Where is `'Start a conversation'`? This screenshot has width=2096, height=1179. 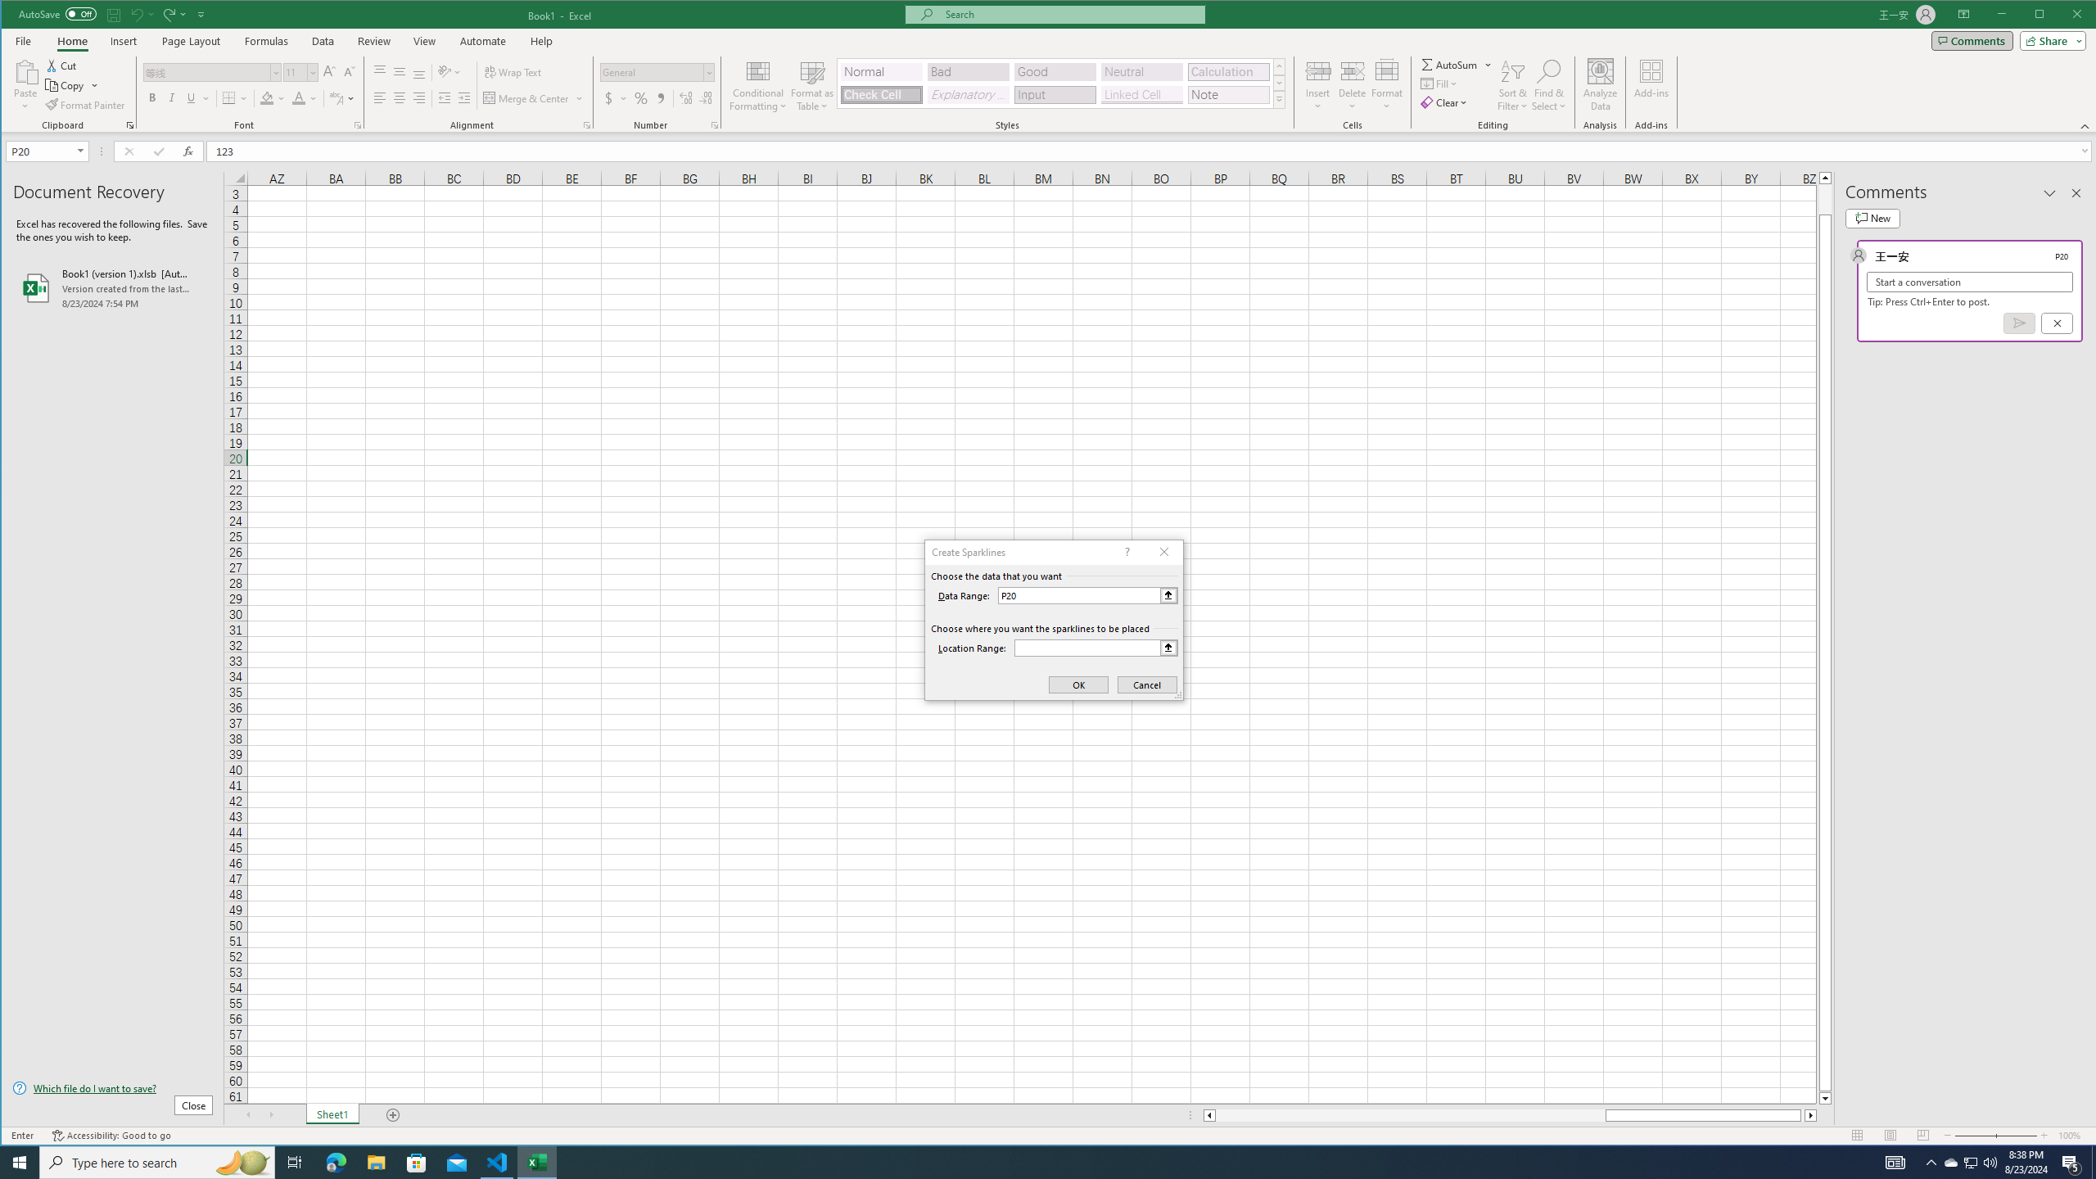
'Start a conversation' is located at coordinates (1969, 282).